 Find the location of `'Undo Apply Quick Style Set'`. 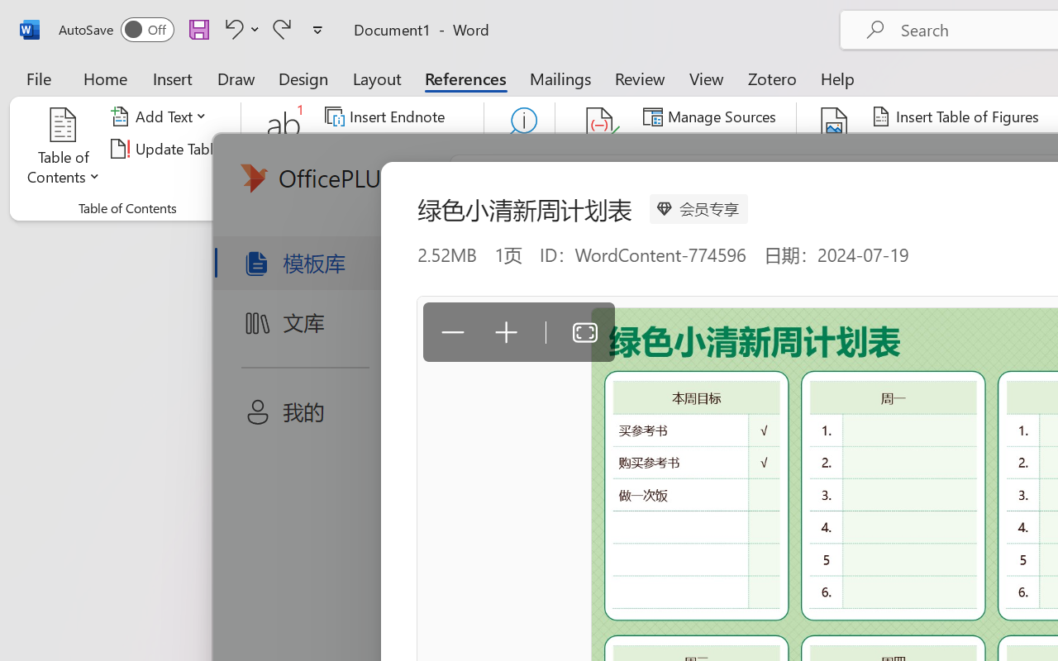

'Undo Apply Quick Style Set' is located at coordinates (239, 28).